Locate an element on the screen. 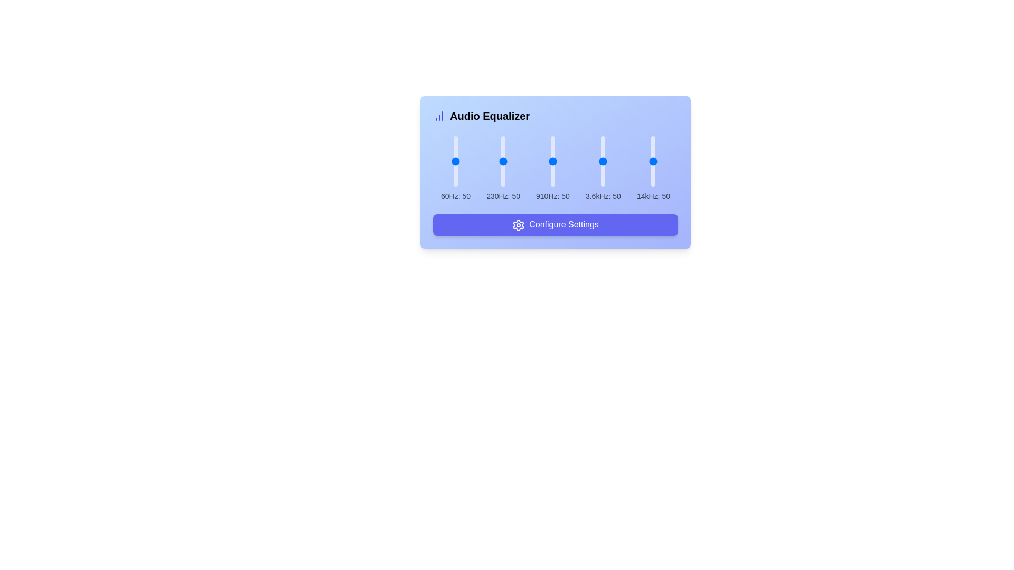  the 14kHz equalizer is located at coordinates (653, 166).